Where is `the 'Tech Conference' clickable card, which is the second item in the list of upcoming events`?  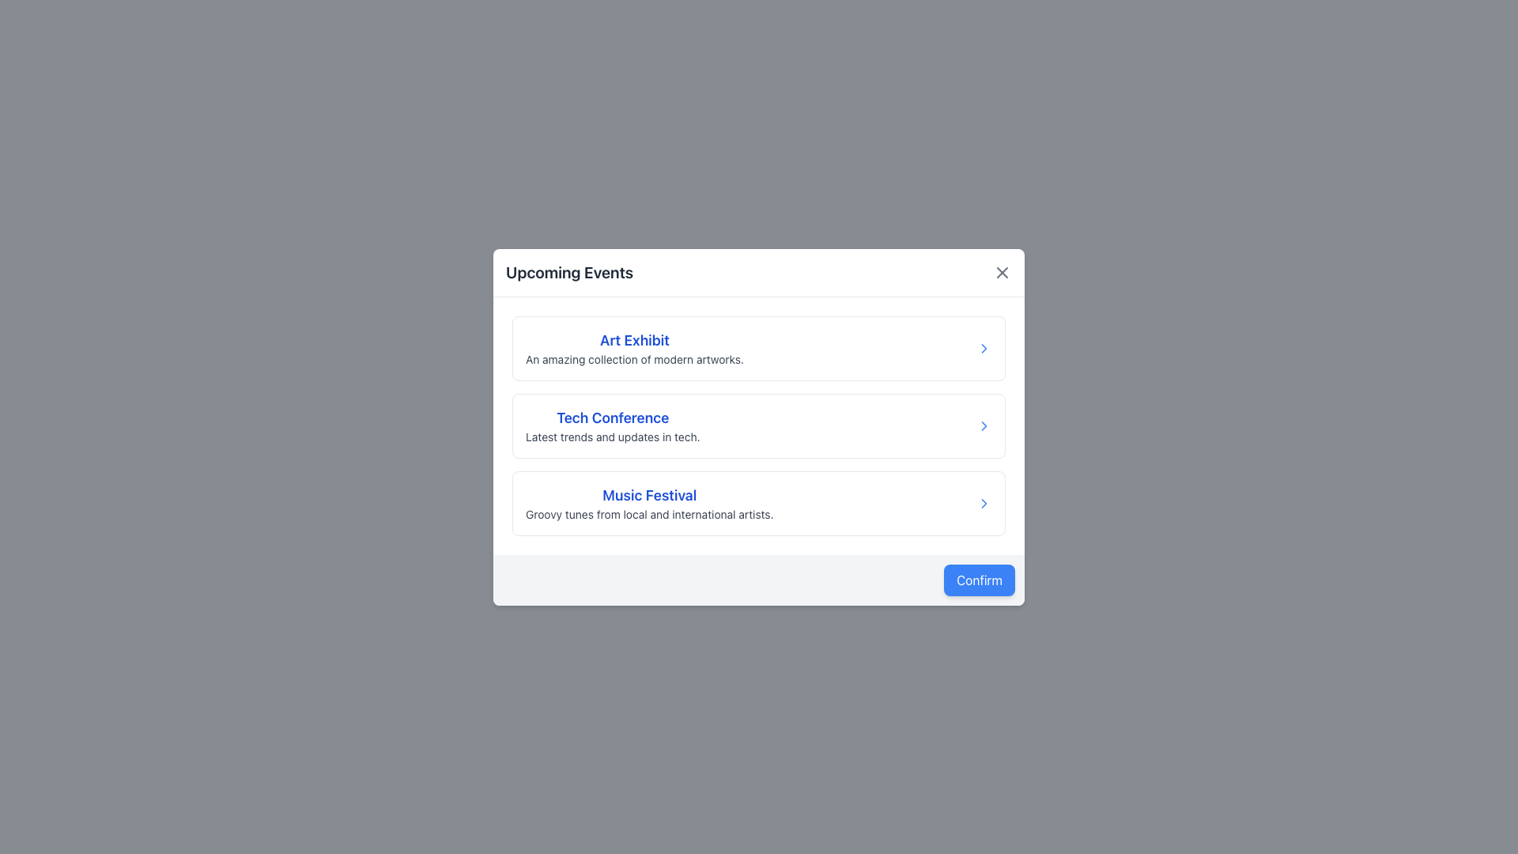 the 'Tech Conference' clickable card, which is the second item in the list of upcoming events is located at coordinates (759, 424).